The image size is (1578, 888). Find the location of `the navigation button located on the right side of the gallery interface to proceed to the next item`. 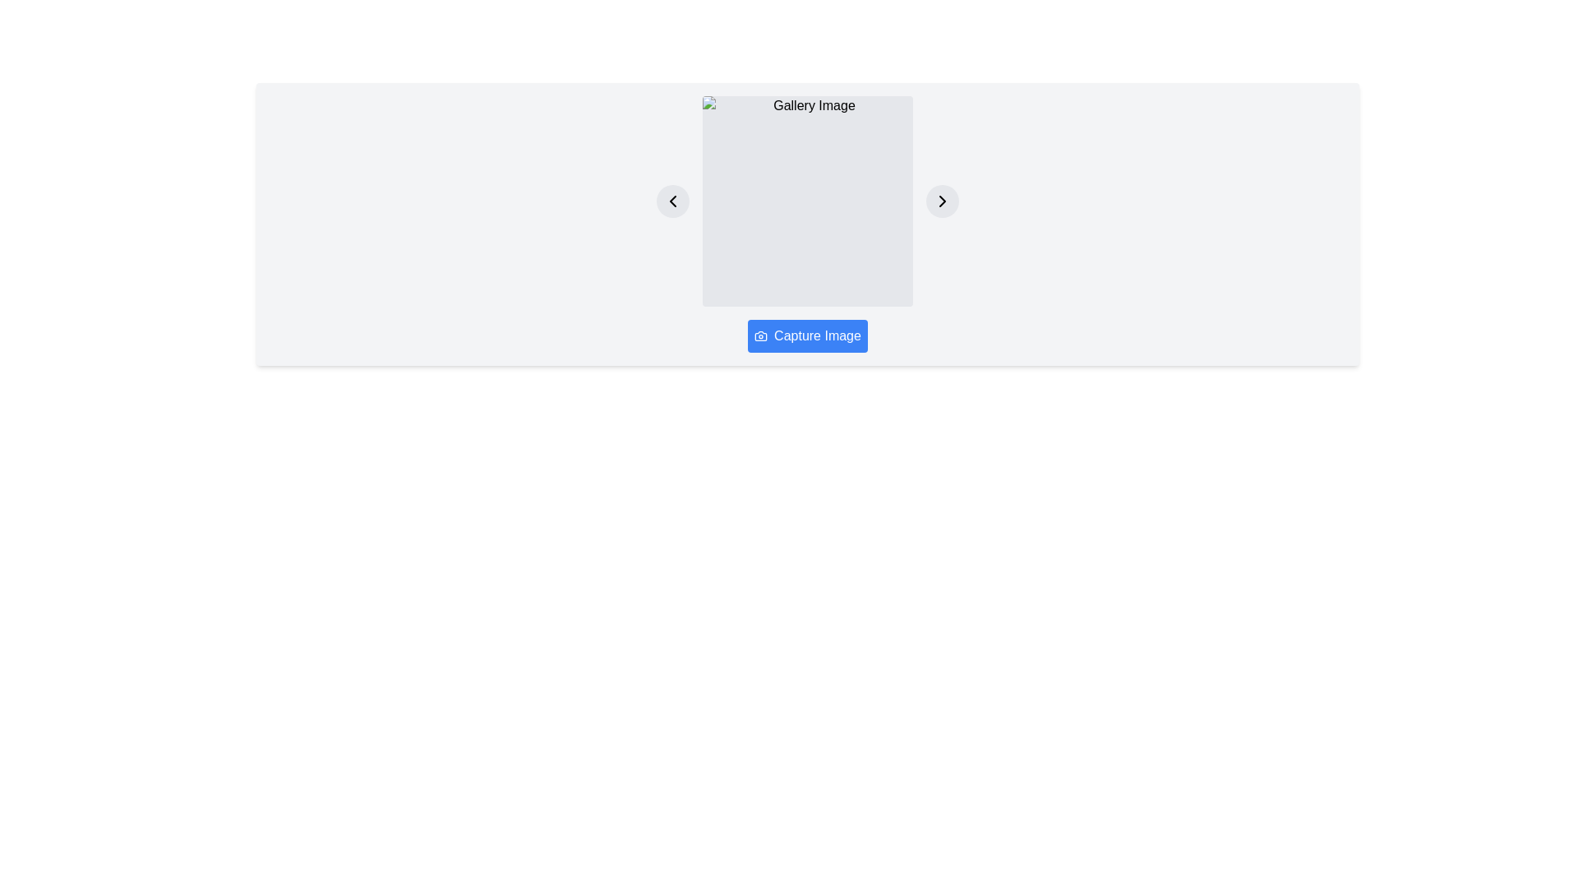

the navigation button located on the right side of the gallery interface to proceed to the next item is located at coordinates (943, 201).